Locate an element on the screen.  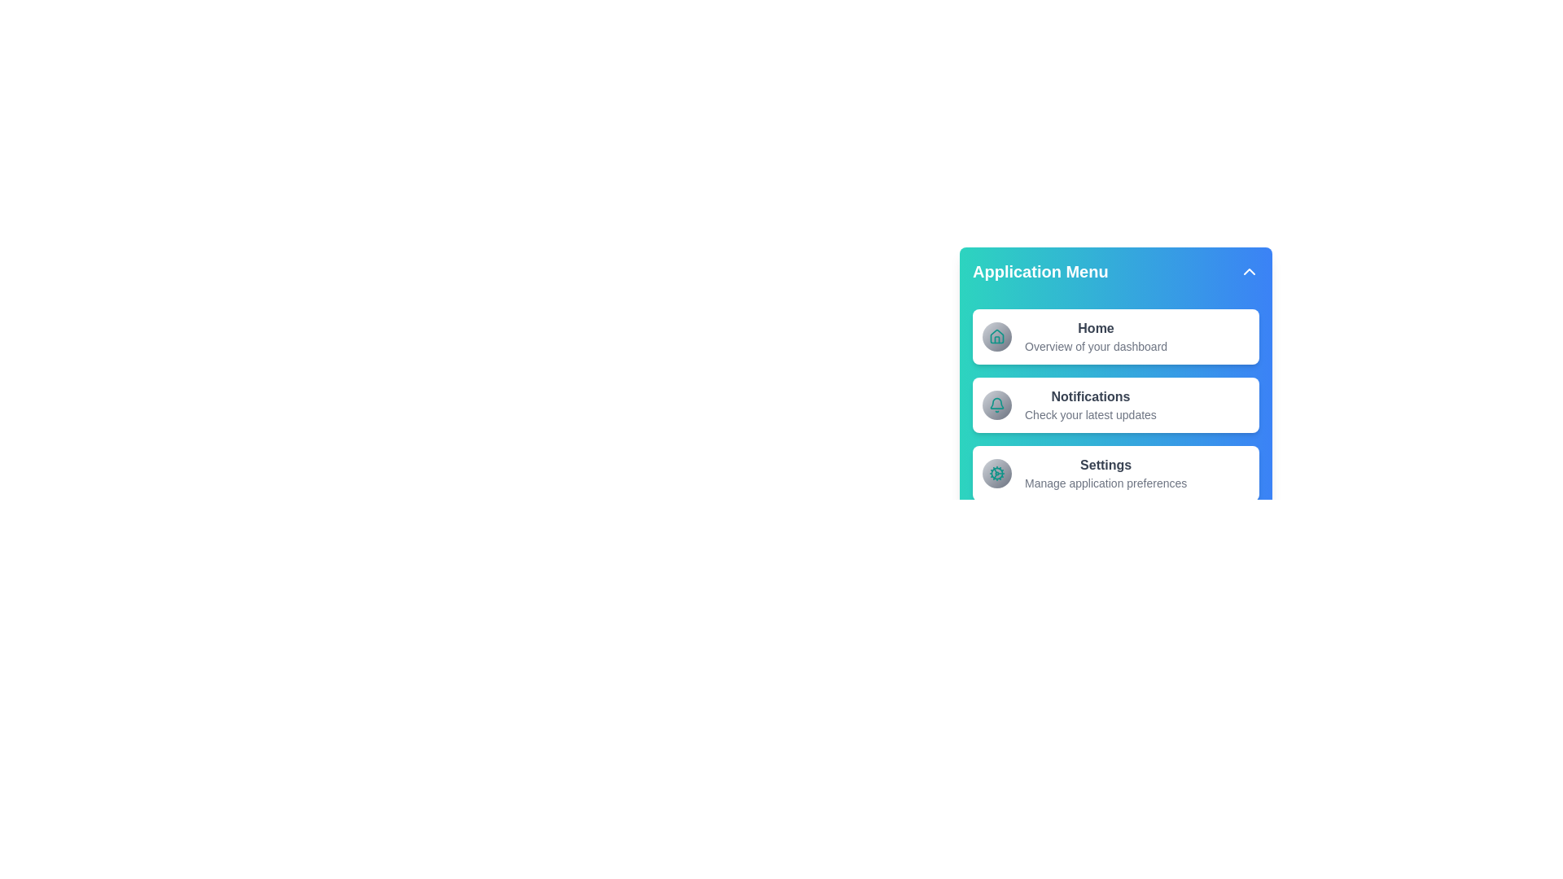
the icon of the Home menu item to trigger its associated action is located at coordinates (996, 335).